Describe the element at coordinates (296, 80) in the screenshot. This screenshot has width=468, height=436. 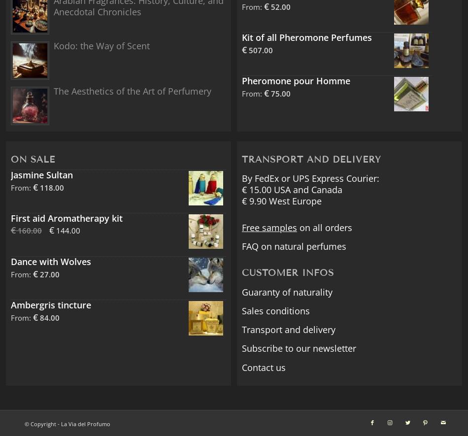
I see `'Pheromone pour Homme'` at that location.